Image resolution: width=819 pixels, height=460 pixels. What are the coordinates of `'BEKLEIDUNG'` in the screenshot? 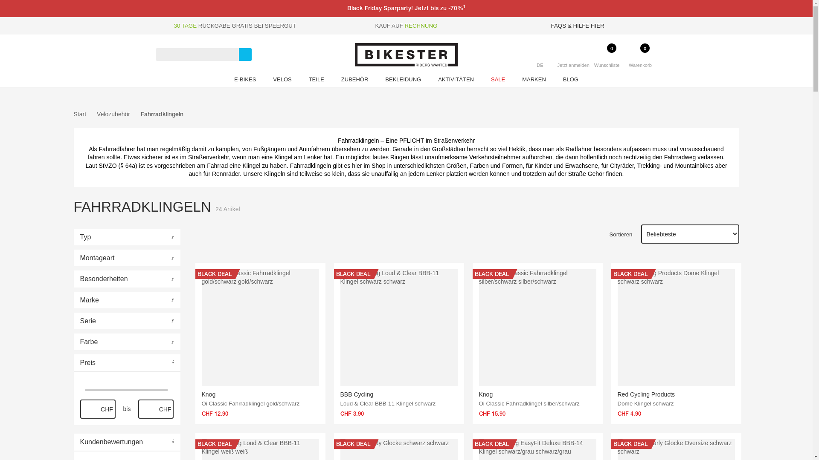 It's located at (403, 80).